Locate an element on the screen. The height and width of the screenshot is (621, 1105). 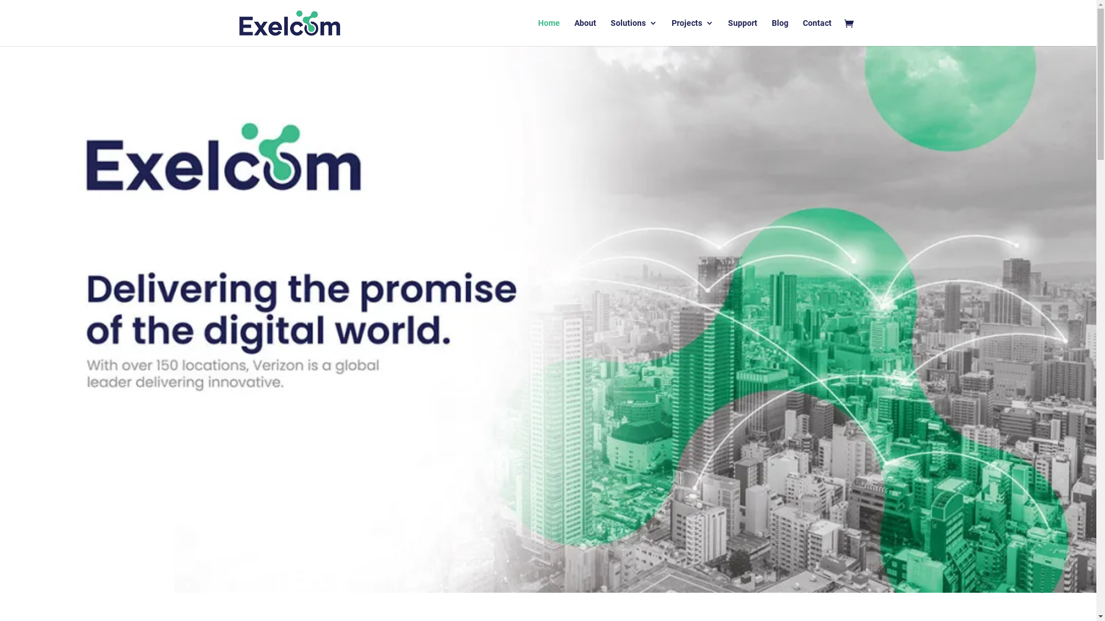
'Contact' is located at coordinates (816, 32).